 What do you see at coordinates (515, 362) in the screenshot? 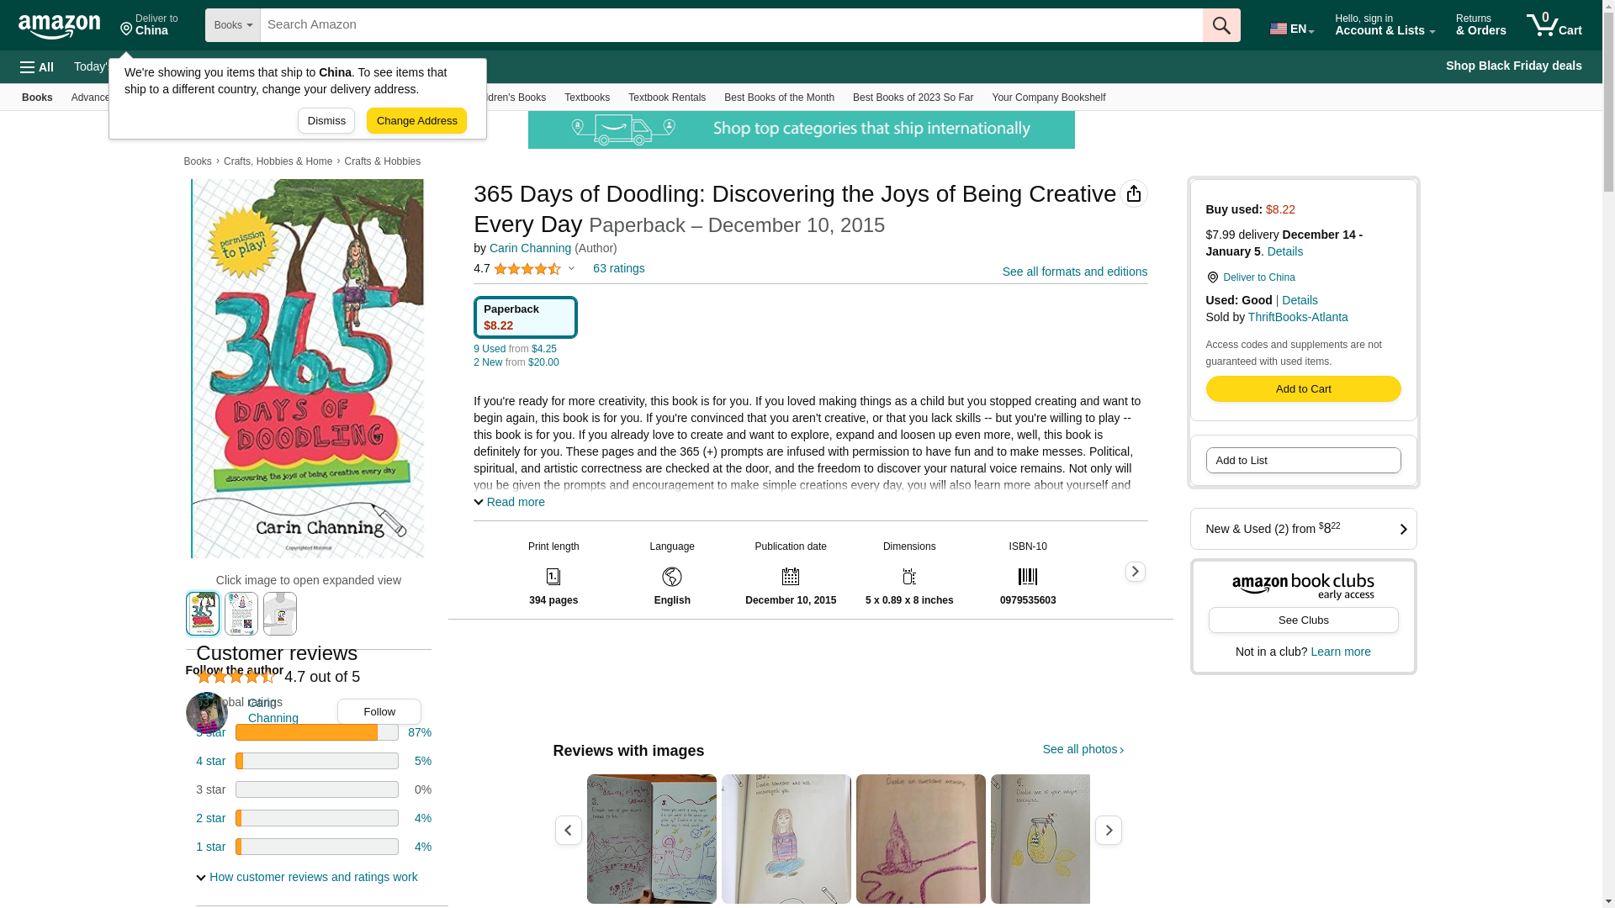
I see `'2 New from $20.00'` at bounding box center [515, 362].